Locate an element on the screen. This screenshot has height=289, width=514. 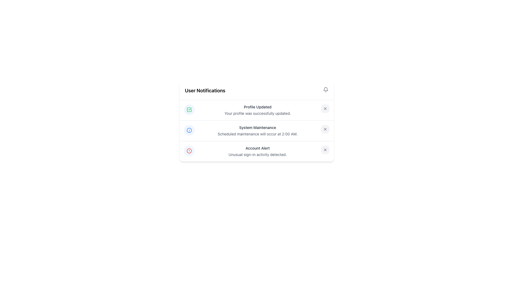
notification text 'Account Alert' and 'Unusual sign-in activity detected' from the third notification in the notification list is located at coordinates (258, 151).